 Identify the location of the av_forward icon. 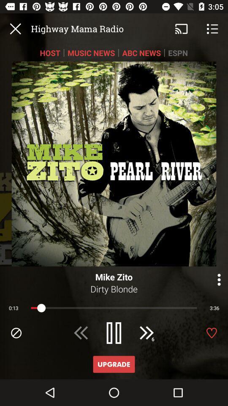
(146, 333).